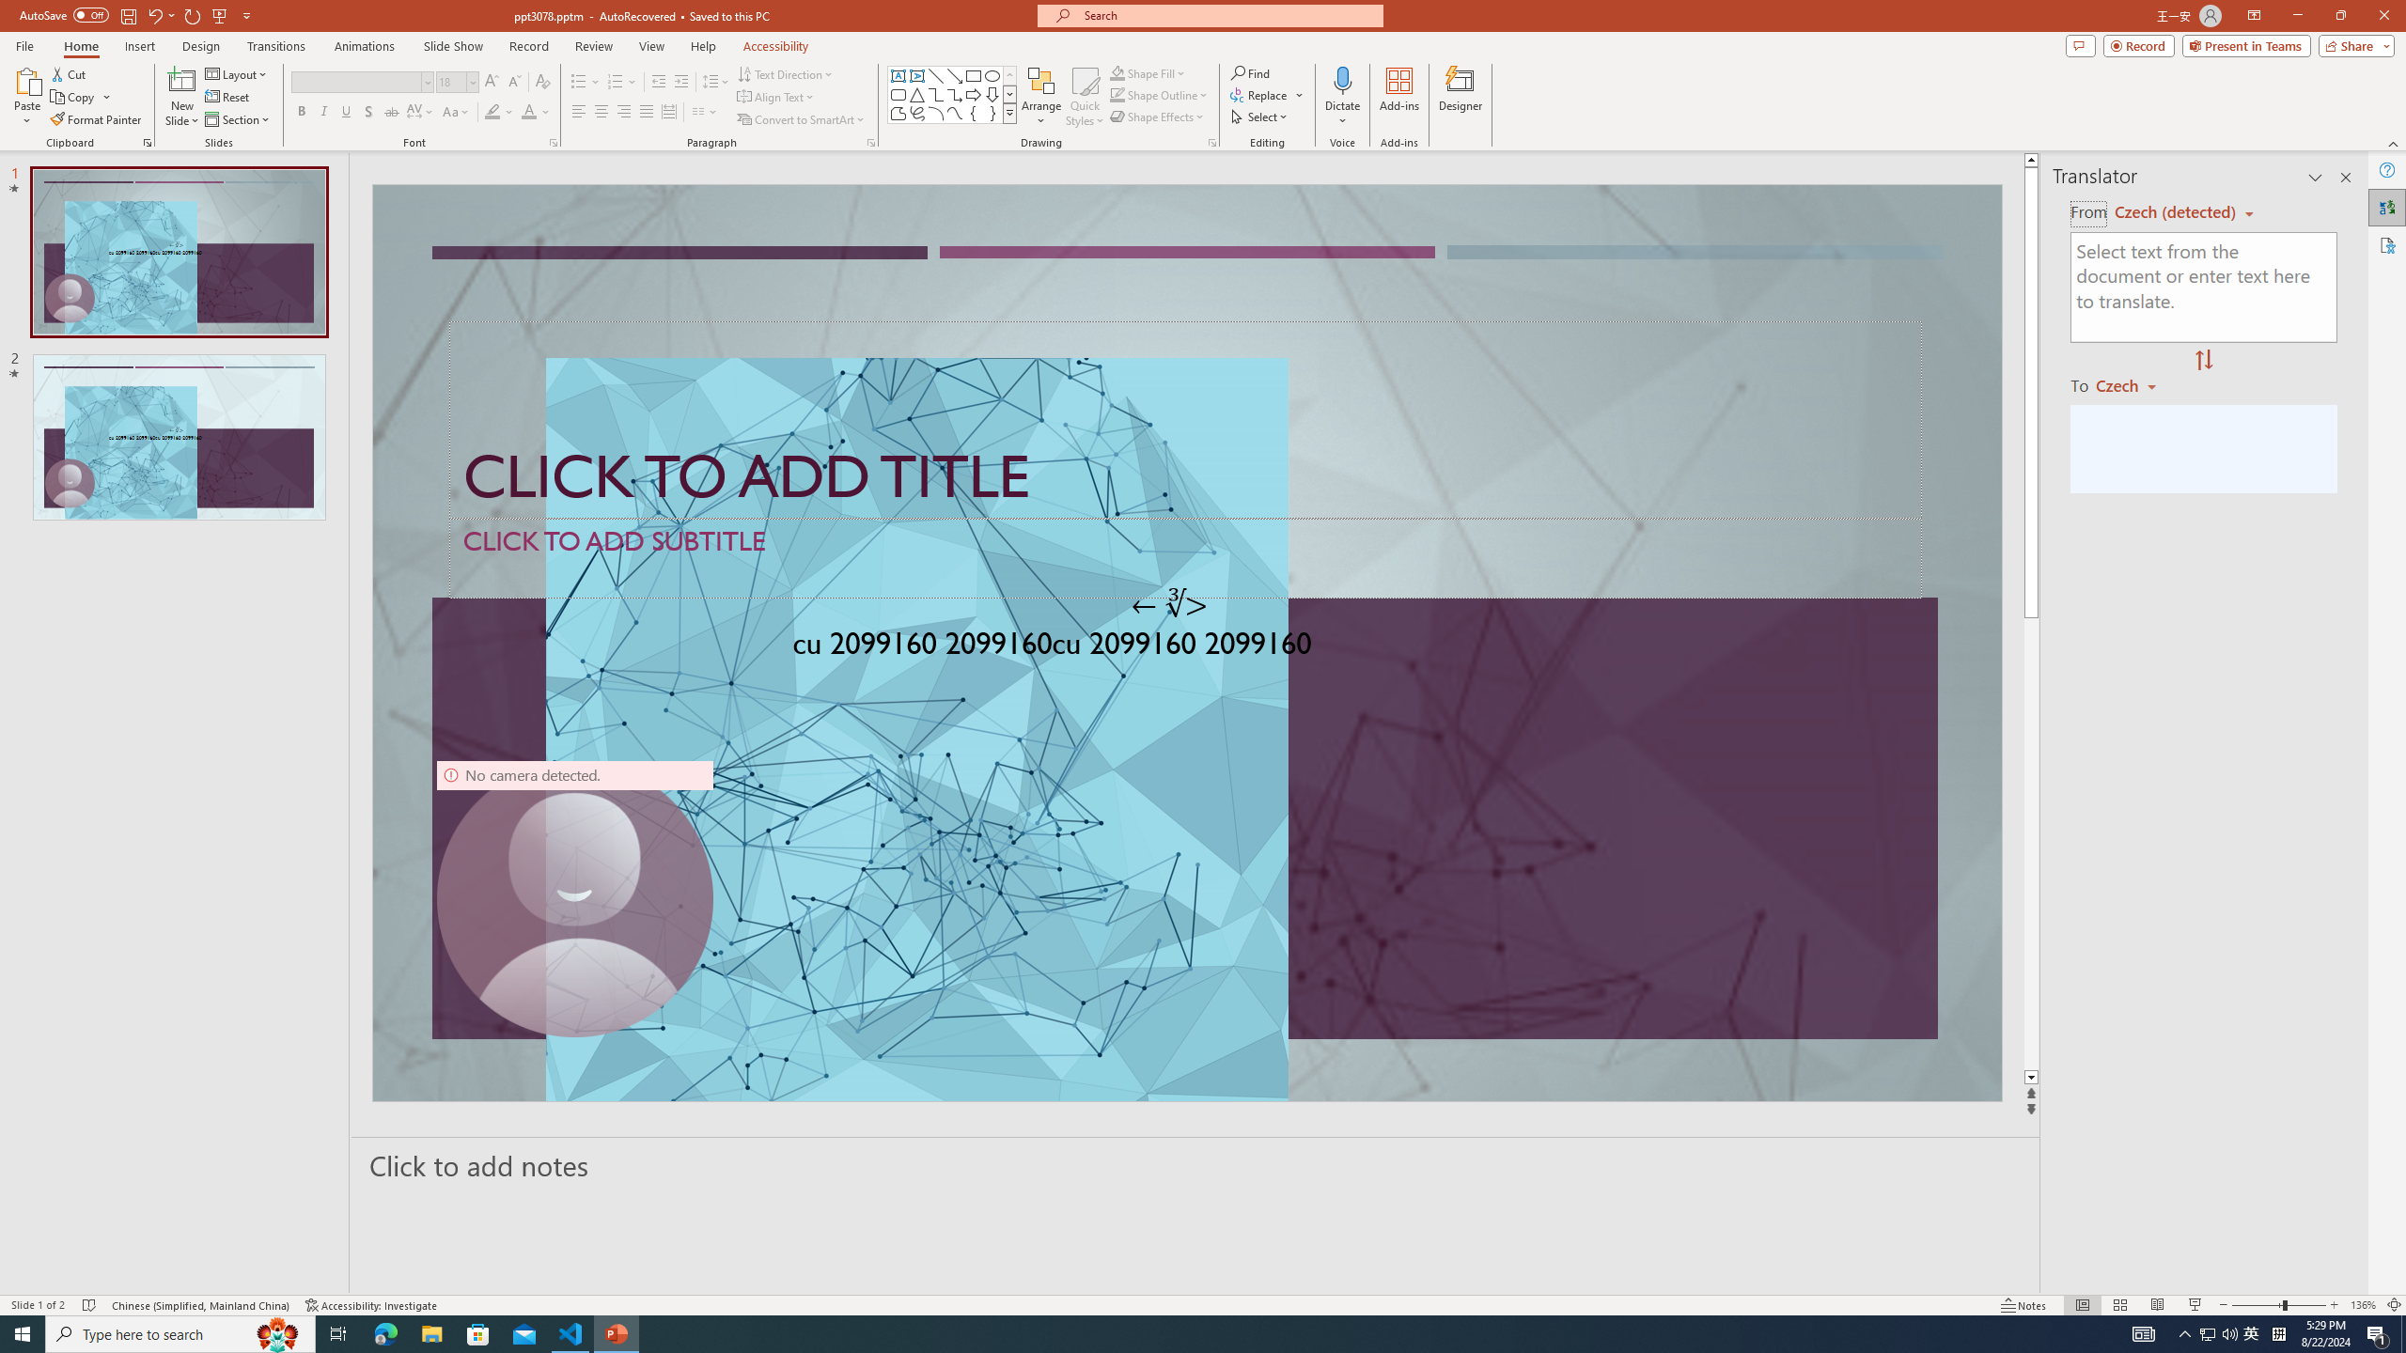  Describe the element at coordinates (898, 75) in the screenshot. I see `'Text Box'` at that location.